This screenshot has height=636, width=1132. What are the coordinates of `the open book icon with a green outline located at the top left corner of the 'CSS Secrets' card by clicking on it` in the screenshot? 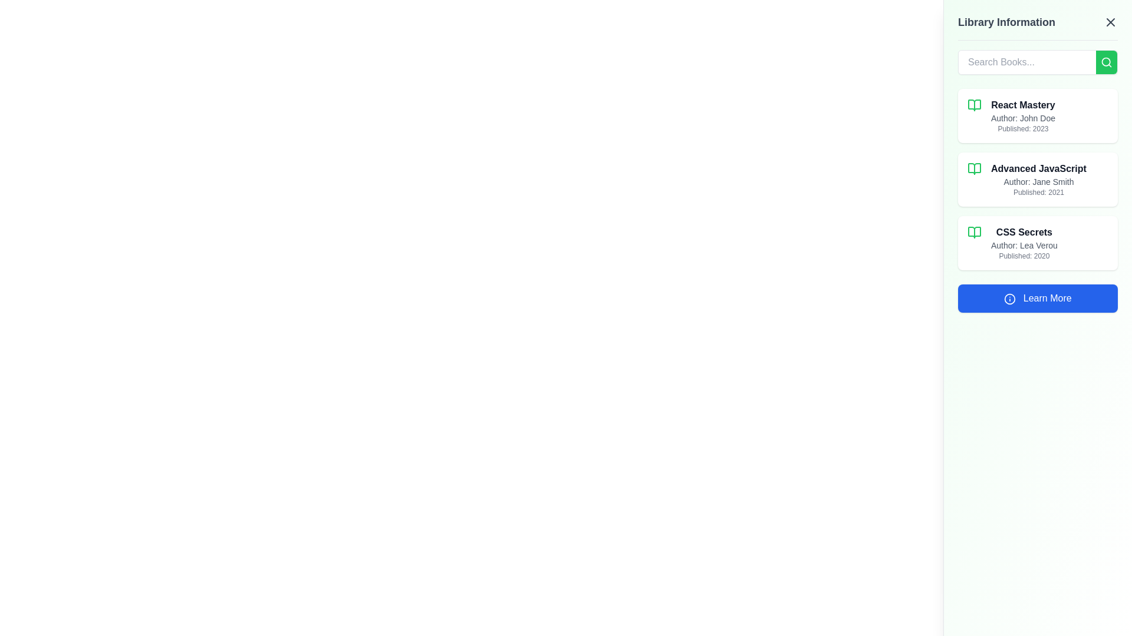 It's located at (974, 232).